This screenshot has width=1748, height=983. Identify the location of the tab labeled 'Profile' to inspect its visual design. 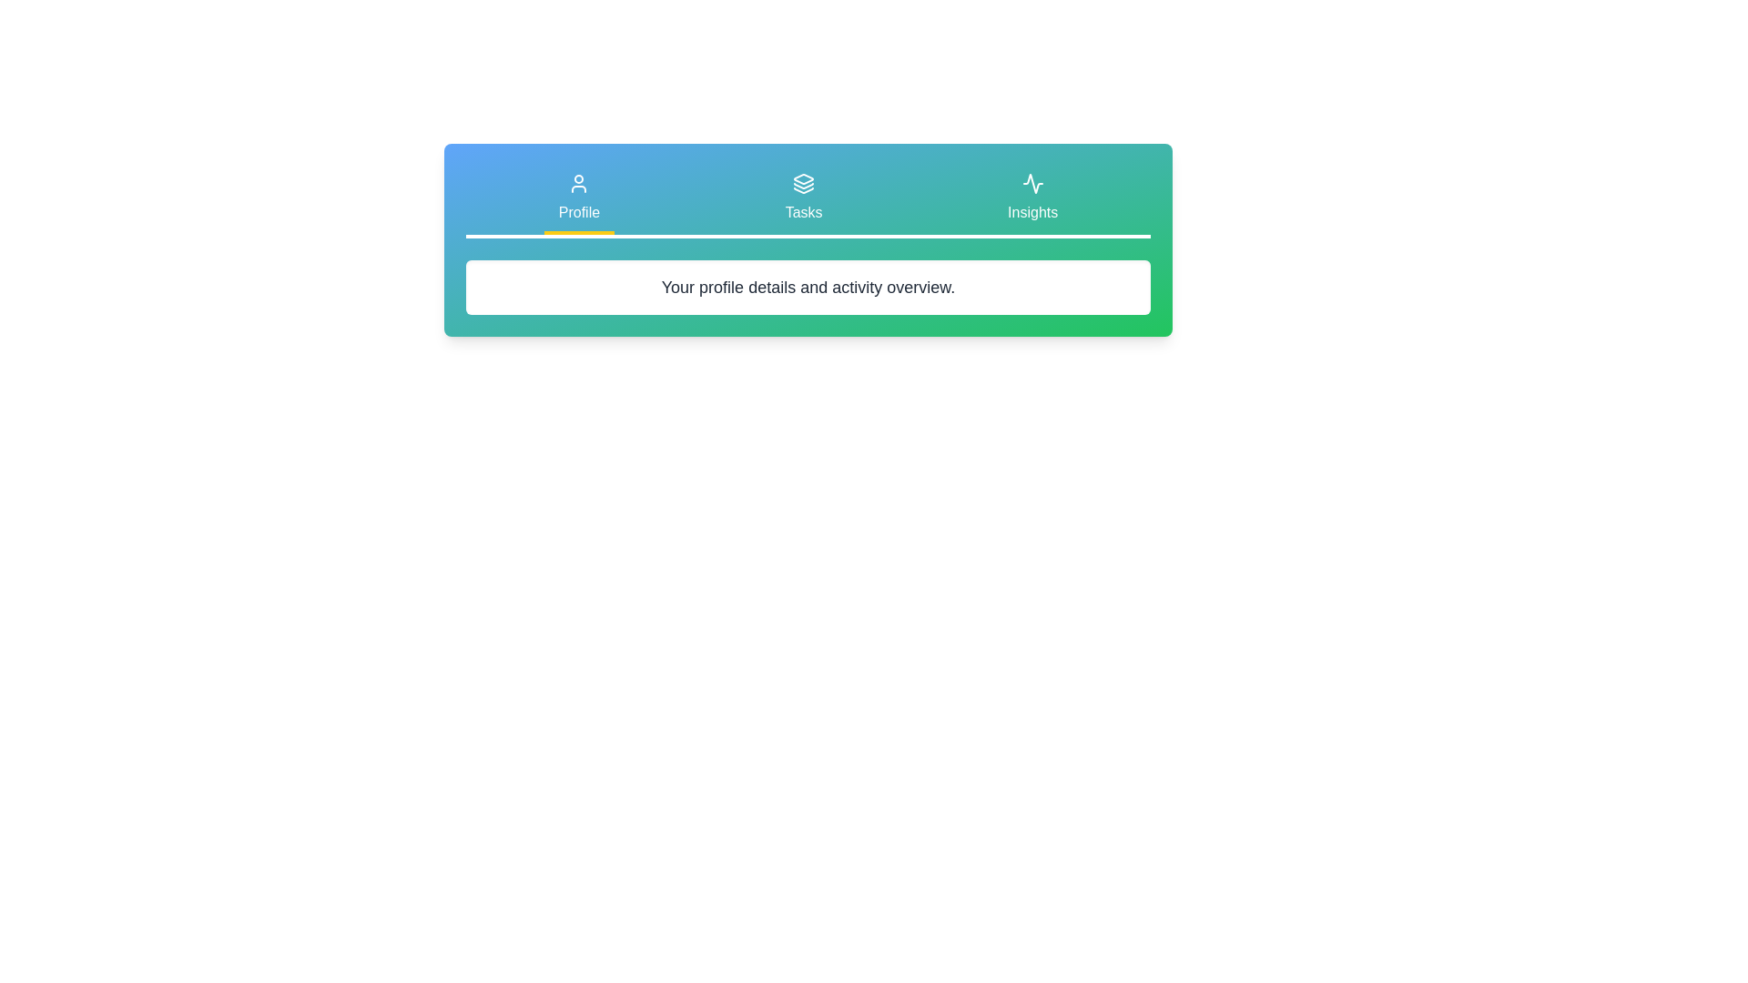
(578, 199).